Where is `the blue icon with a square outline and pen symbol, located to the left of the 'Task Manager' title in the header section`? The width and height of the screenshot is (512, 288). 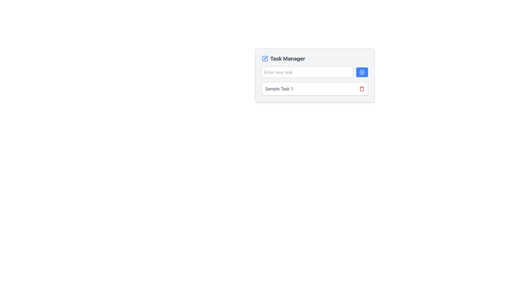 the blue icon with a square outline and pen symbol, located to the left of the 'Task Manager' title in the header section is located at coordinates (265, 58).